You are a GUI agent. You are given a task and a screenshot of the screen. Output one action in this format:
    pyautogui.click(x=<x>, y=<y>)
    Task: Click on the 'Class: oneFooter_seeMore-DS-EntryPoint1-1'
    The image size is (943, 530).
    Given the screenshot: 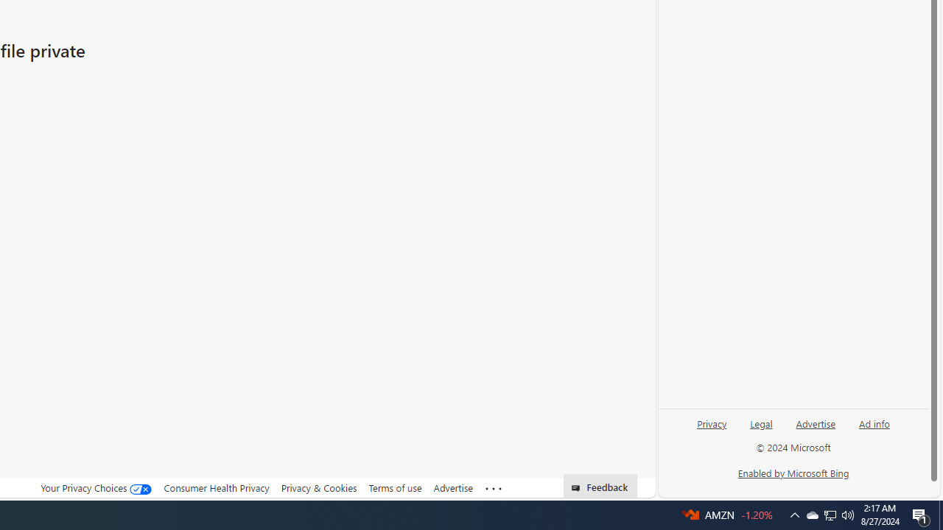 What is the action you would take?
    pyautogui.click(x=494, y=488)
    